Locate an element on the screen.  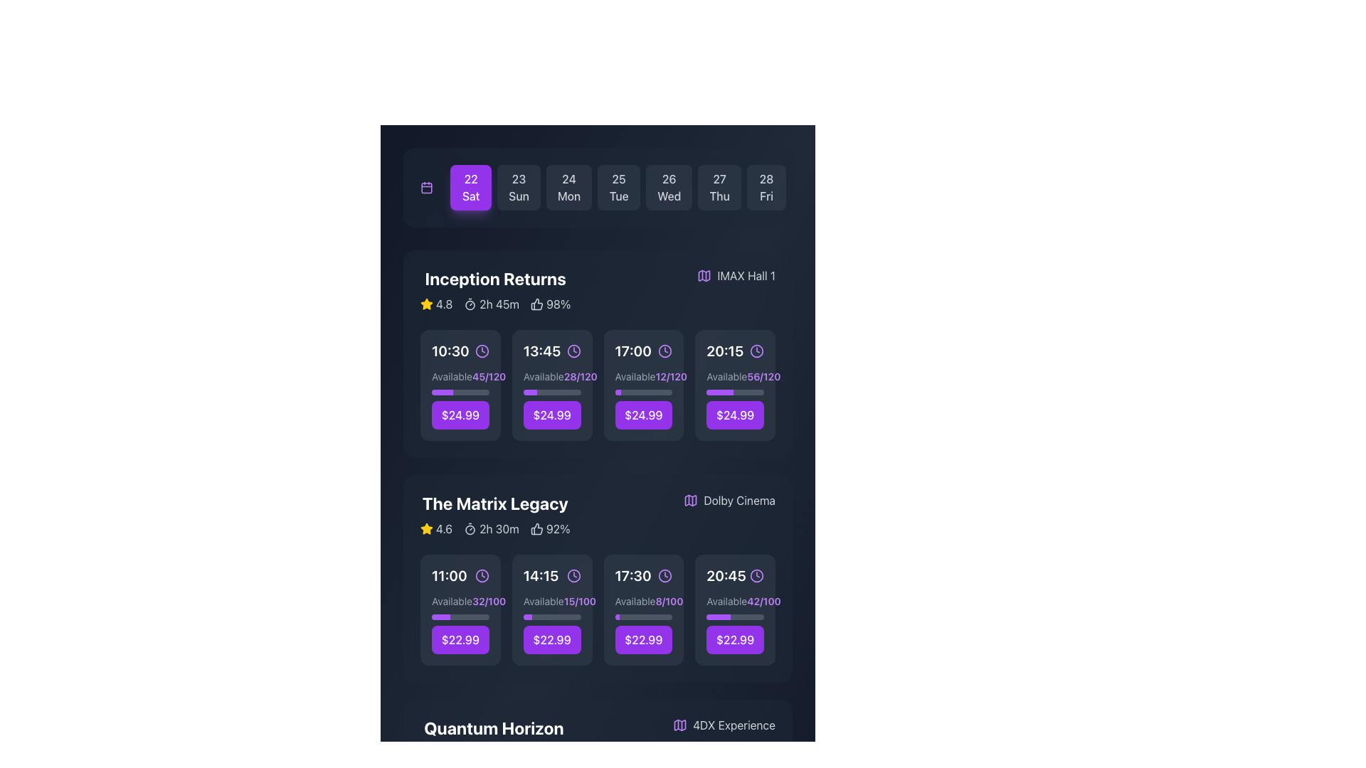
the purple clock icon with a clean, thin aesthetic, located adjacent to the '13:45' text in the second slot of the 'Inception Returns' schedule row is located at coordinates (573, 351).